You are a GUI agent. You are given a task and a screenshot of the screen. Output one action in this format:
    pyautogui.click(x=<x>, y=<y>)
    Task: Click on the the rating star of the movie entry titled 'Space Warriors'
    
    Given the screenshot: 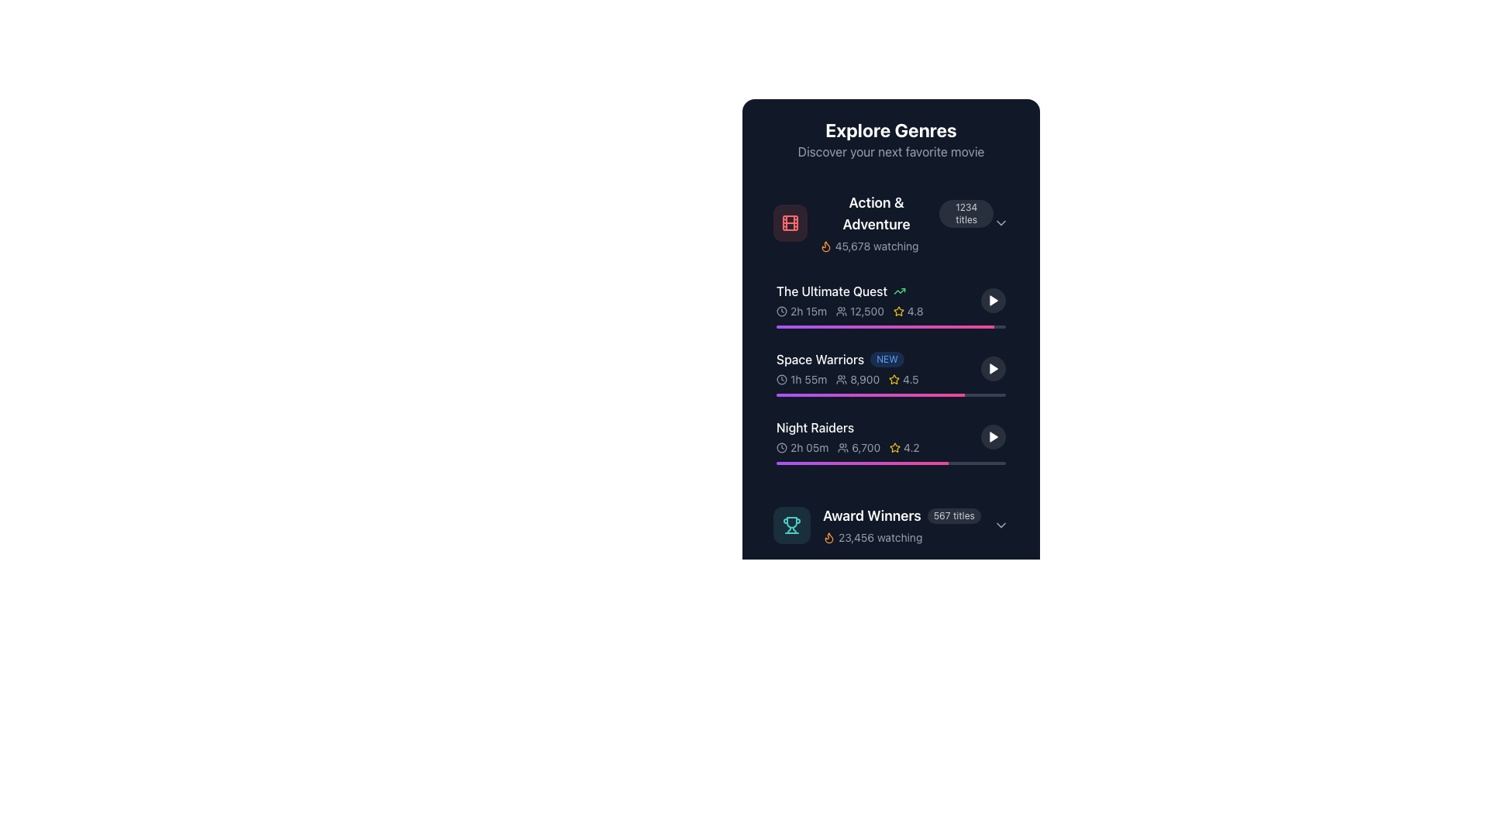 What is the action you would take?
    pyautogui.click(x=891, y=368)
    